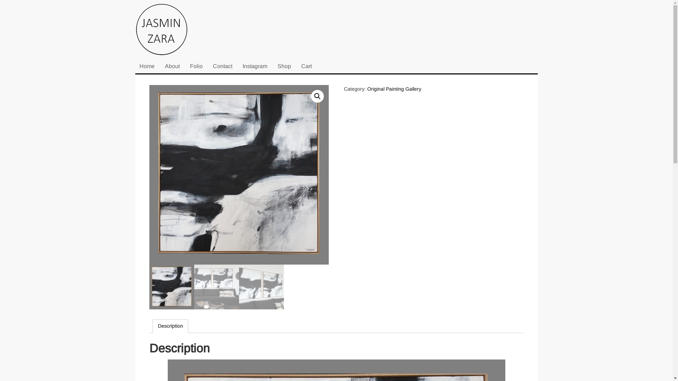 Image resolution: width=678 pixels, height=381 pixels. What do you see at coordinates (284, 66) in the screenshot?
I see `'Shop'` at bounding box center [284, 66].